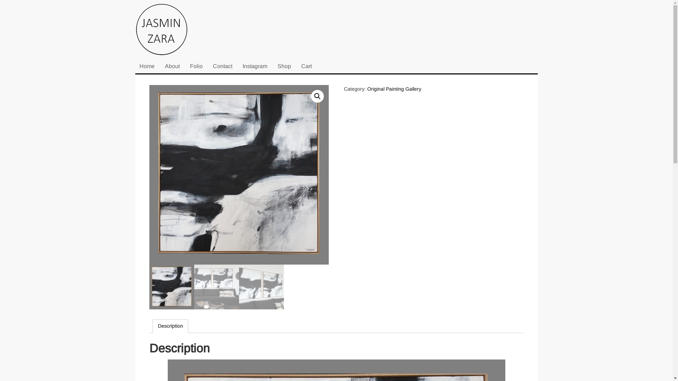 Image resolution: width=678 pixels, height=381 pixels. What do you see at coordinates (284, 66) in the screenshot?
I see `'Shop'` at bounding box center [284, 66].